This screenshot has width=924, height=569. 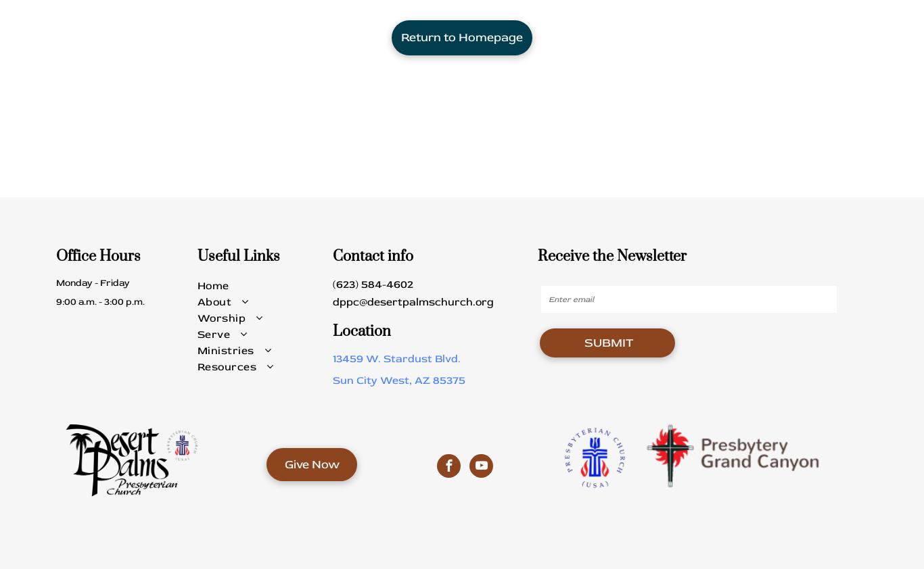 I want to click on 'Give Now', so click(x=311, y=464).